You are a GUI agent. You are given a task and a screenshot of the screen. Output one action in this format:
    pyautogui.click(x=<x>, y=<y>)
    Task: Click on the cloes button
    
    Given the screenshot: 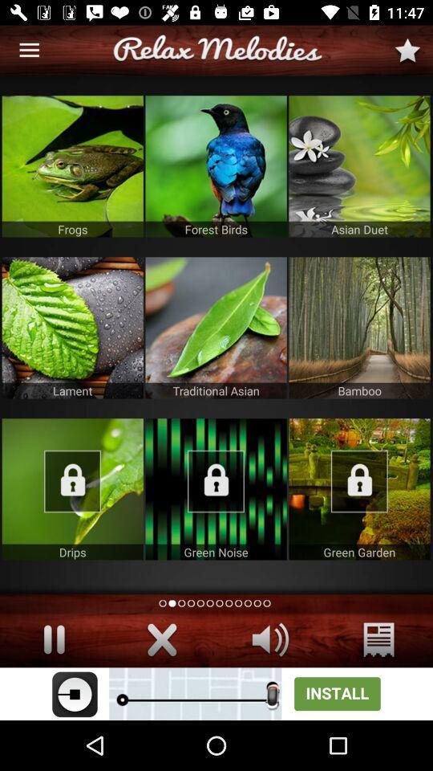 What is the action you would take?
    pyautogui.click(x=162, y=639)
    